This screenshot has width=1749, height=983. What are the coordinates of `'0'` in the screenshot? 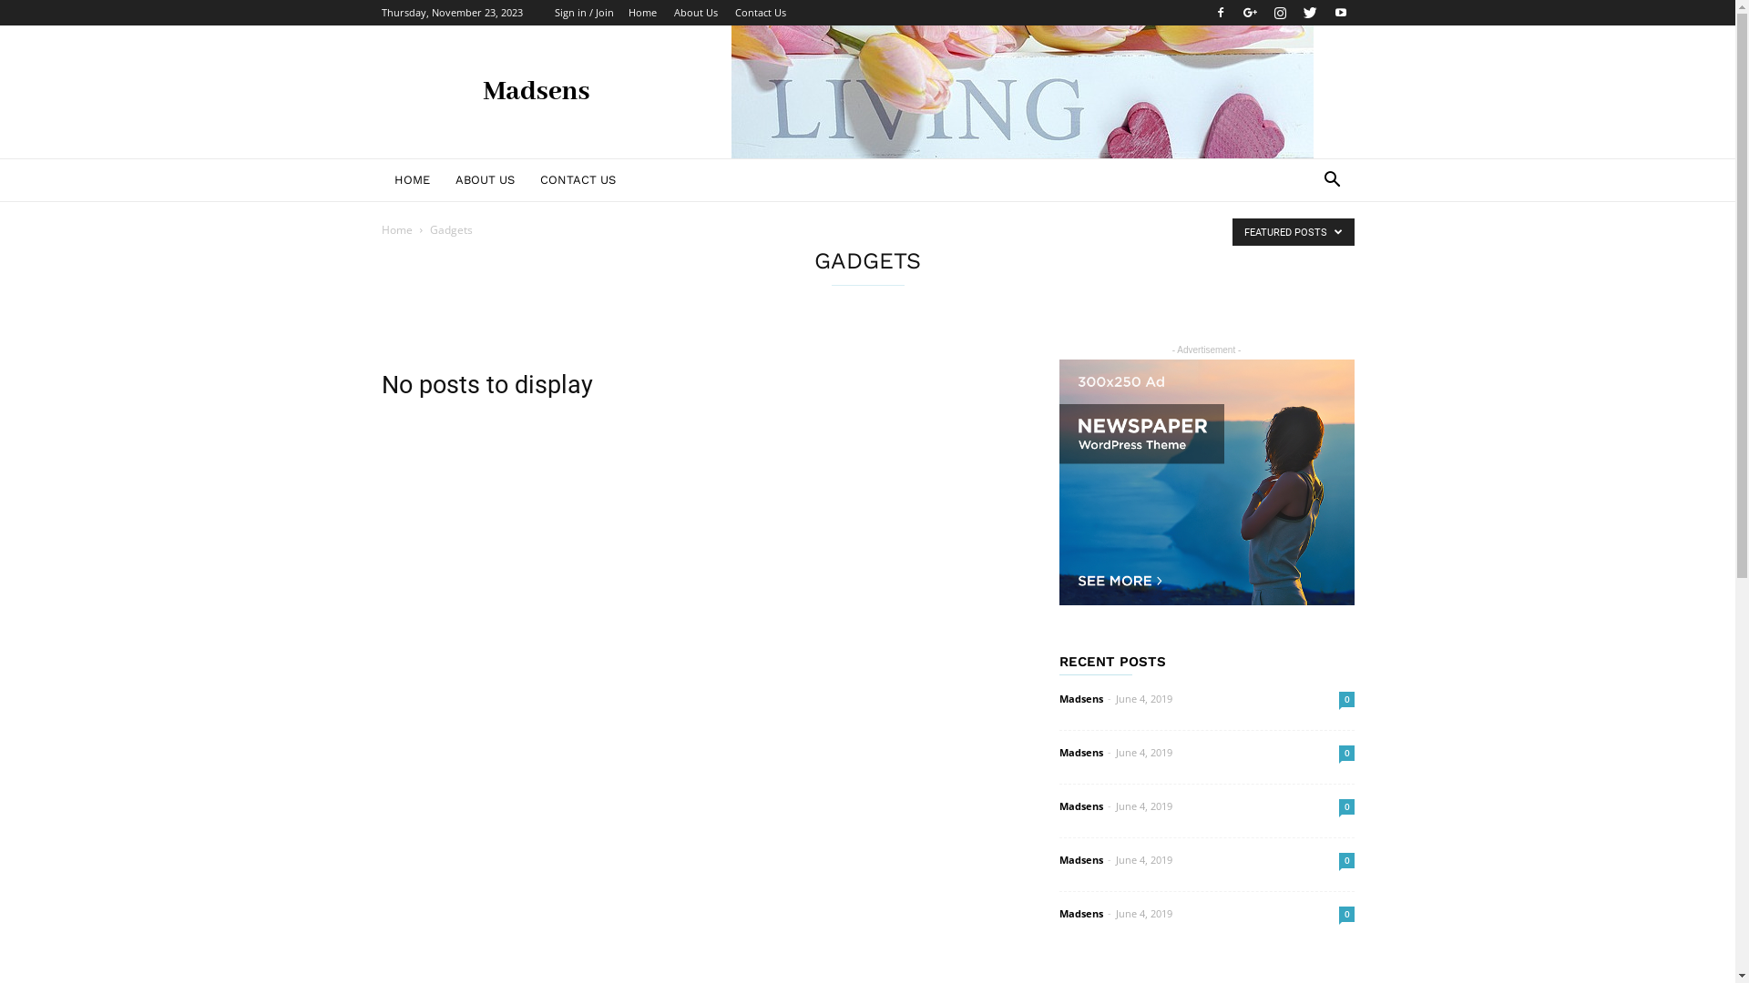 It's located at (1346, 806).